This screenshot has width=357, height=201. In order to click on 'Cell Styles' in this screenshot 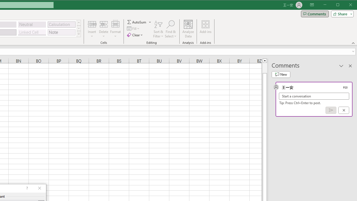, I will do `click(78, 34)`.